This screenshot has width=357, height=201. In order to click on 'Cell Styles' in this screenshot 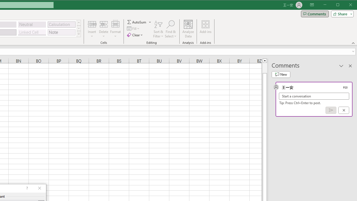, I will do `click(78, 34)`.